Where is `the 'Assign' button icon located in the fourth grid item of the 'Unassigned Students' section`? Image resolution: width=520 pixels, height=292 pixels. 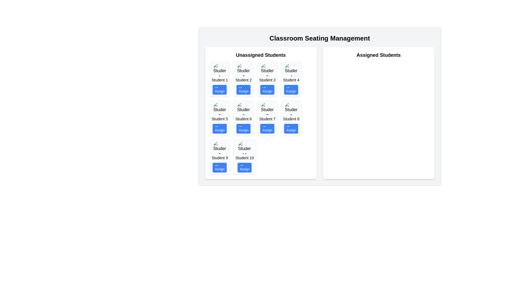 the 'Assign' button icon located in the fourth grid item of the 'Unassigned Students' section is located at coordinates (288, 87).